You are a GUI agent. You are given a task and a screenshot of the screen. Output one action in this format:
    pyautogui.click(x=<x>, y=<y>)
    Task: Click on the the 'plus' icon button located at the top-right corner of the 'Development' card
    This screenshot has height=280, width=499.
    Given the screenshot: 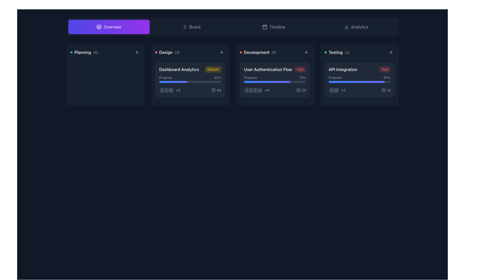 What is the action you would take?
    pyautogui.click(x=306, y=52)
    